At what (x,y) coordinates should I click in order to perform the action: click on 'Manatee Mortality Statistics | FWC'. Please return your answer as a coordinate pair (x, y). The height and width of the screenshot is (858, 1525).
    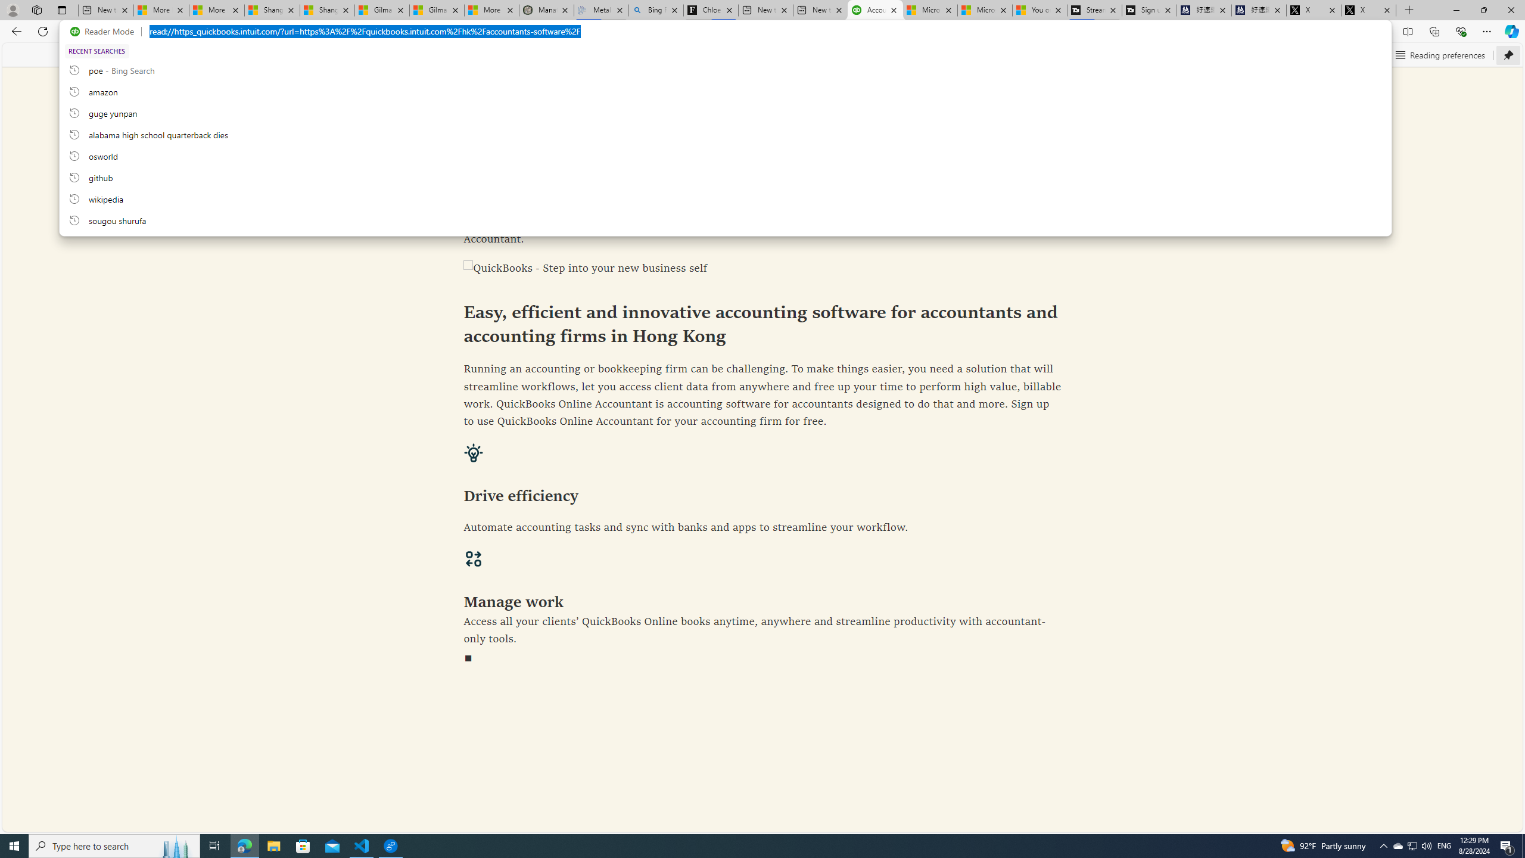
    Looking at the image, I should click on (546, 10).